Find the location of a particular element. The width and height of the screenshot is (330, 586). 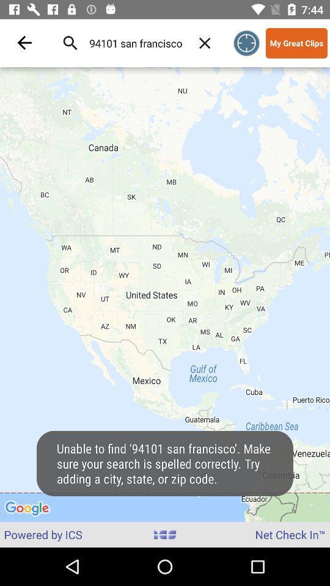

my great clips icon is located at coordinates (296, 43).